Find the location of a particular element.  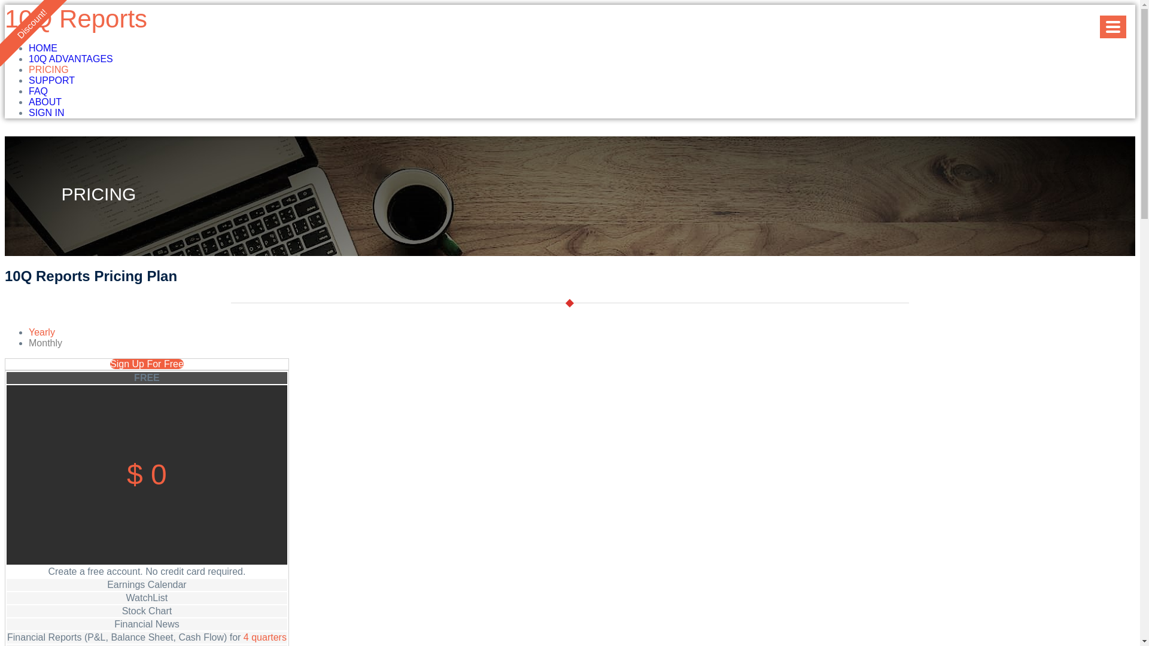

'10Q ADVANTAGES' is located at coordinates (70, 59).